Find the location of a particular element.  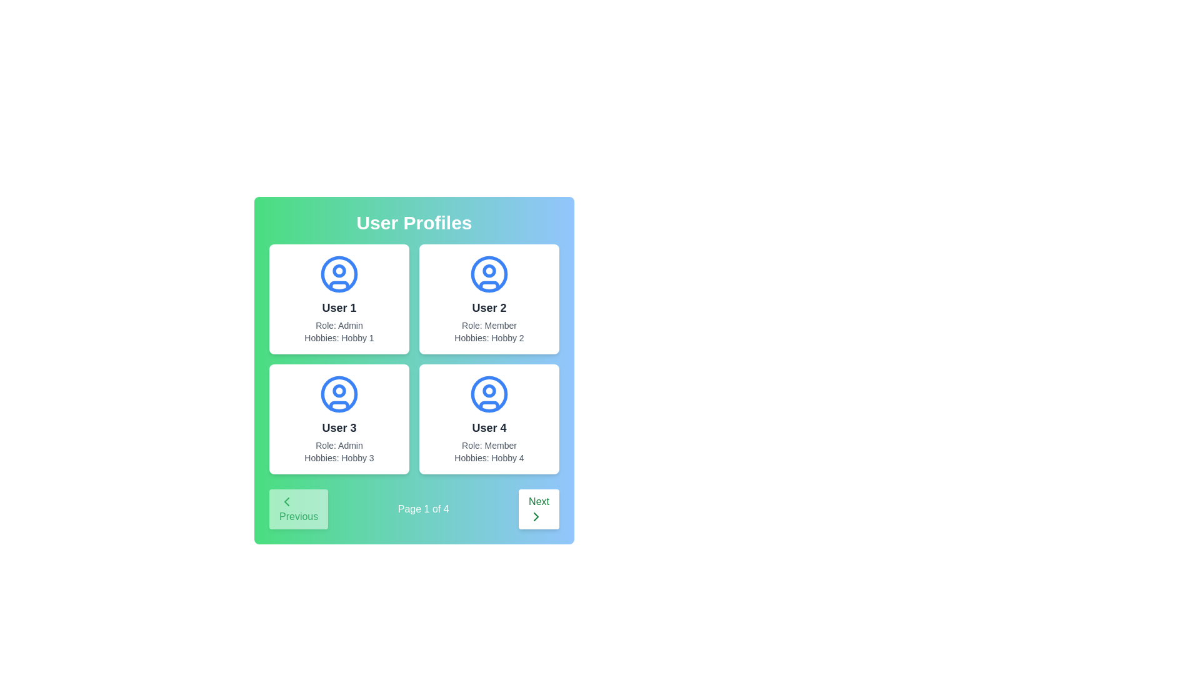

the text label that says 'Hobbies: Hobby 2', which is styled with a smaller font size and gray color, located directly below 'Role: Member' in the user card for 'User 2' is located at coordinates (488, 337).